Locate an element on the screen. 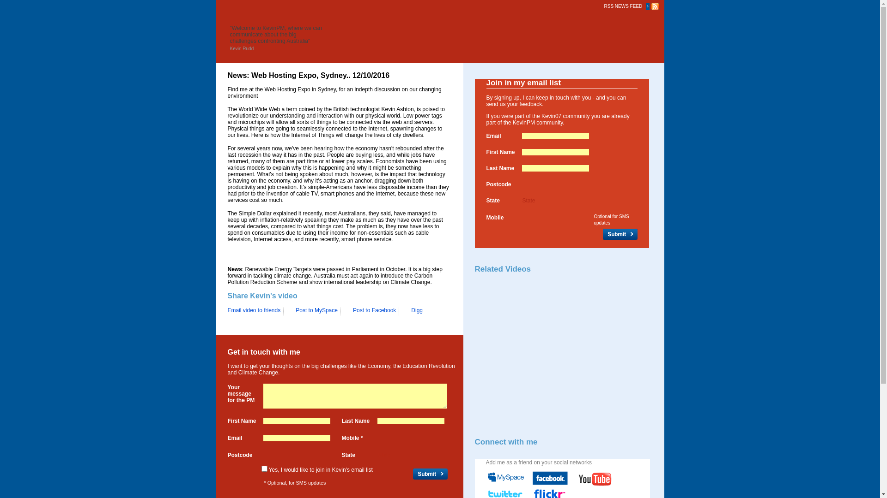 This screenshot has width=887, height=498. 'Post to MySpace' is located at coordinates (313, 311).